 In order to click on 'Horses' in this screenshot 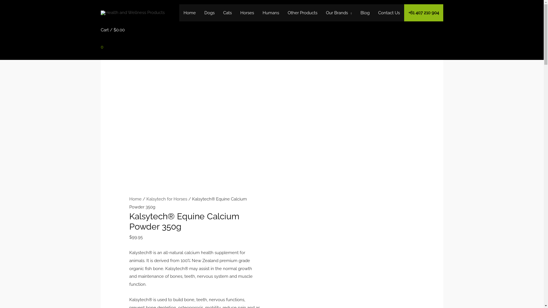, I will do `click(236, 13)`.